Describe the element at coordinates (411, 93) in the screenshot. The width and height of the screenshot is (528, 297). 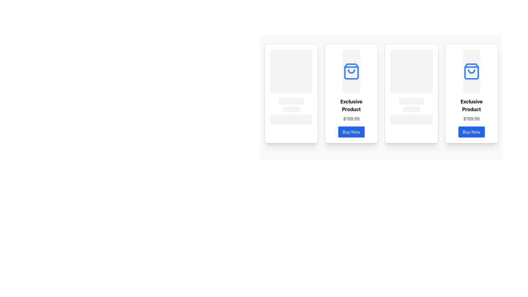
I see `third card from the left in a grid layout for more options` at that location.